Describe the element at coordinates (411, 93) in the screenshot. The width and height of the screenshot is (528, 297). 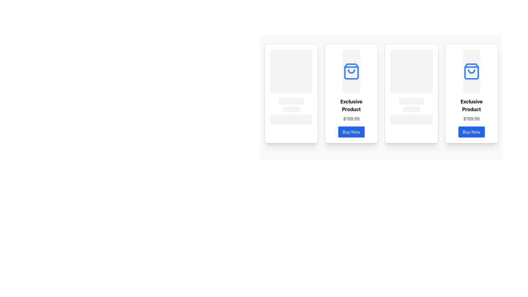
I see `third card from the left in a grid layout for more options` at that location.